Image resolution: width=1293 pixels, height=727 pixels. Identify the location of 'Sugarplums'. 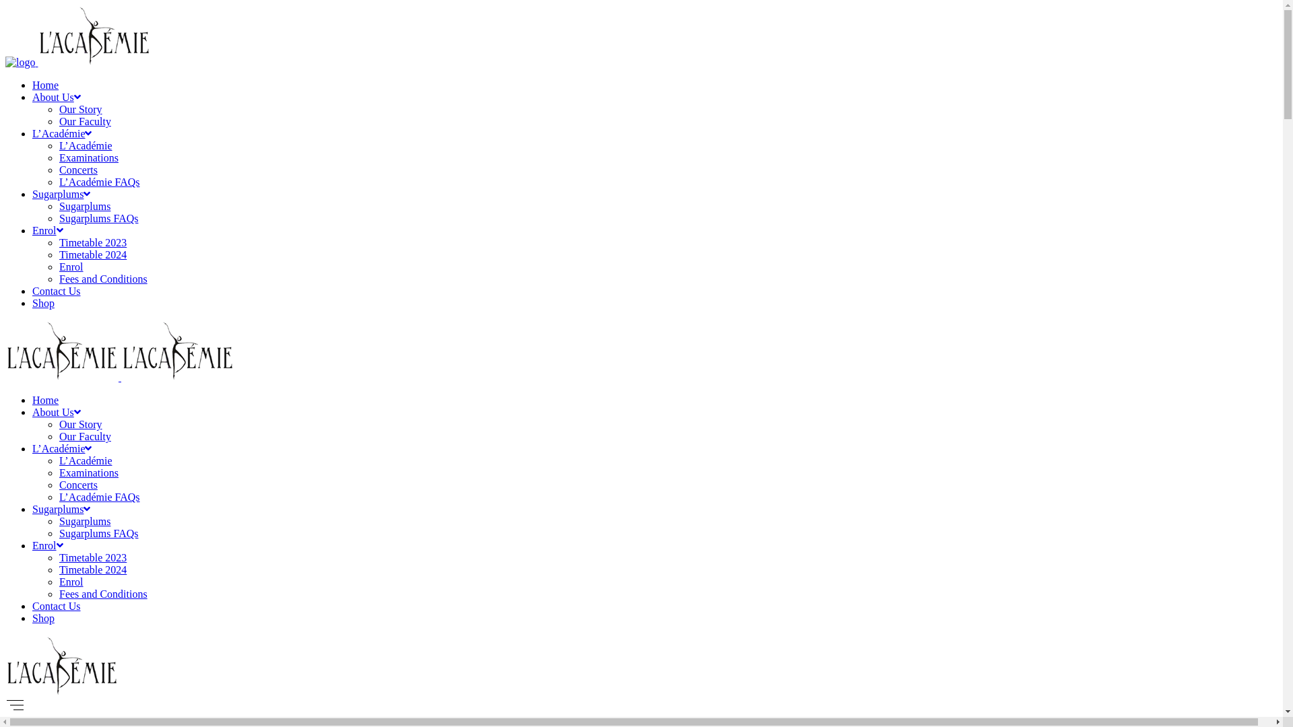
(32, 509).